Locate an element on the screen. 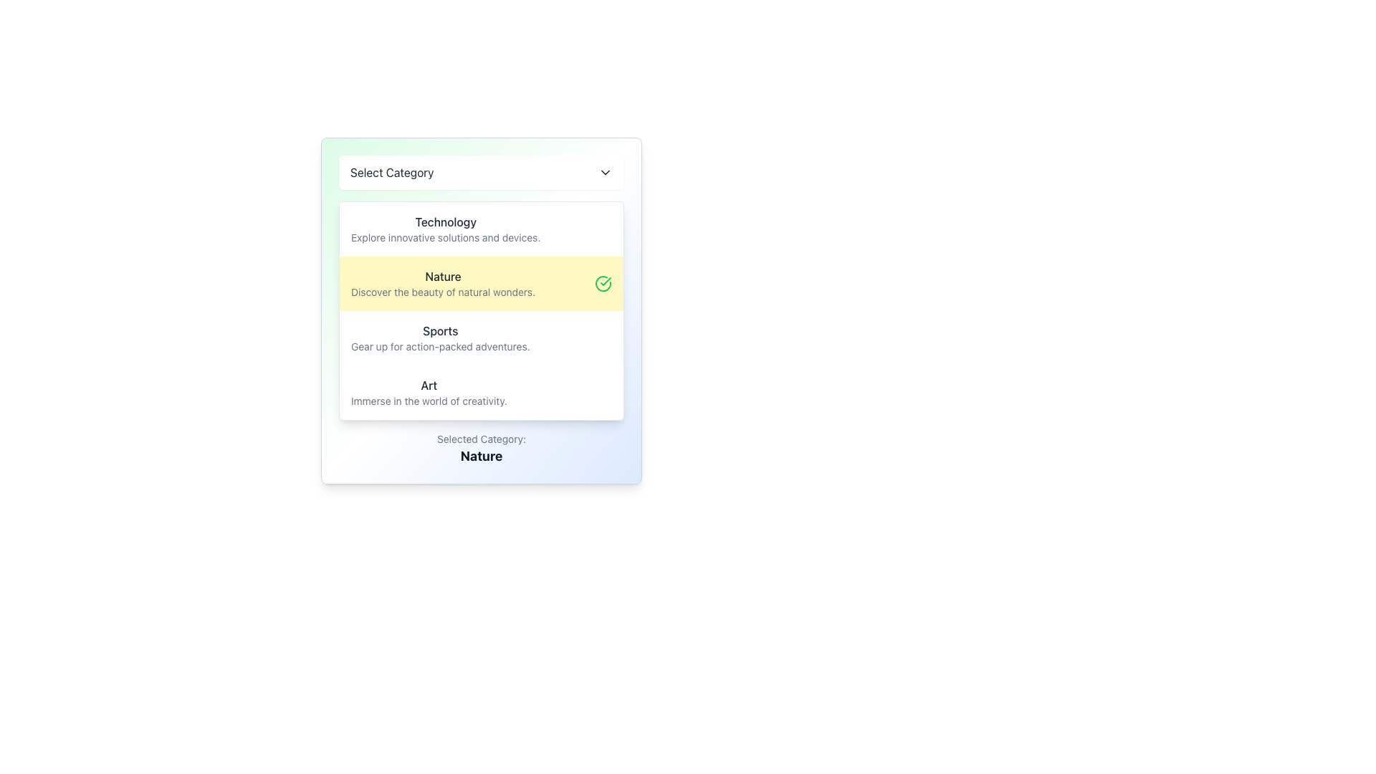 The height and width of the screenshot is (774, 1376). the text line displaying 'Gear up for action-packed adventures.' which is located beneath the 'Sports' text in the selectable panel is located at coordinates (439, 346).